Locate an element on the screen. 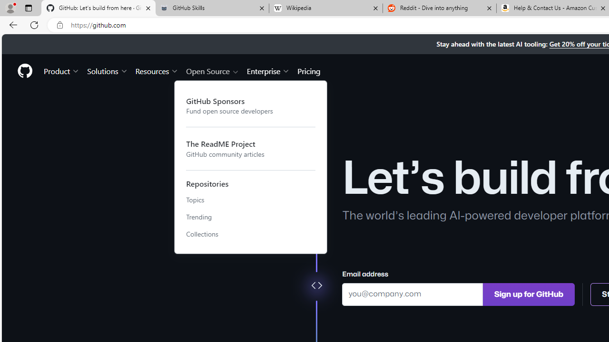 The height and width of the screenshot is (342, 609). 'Product' is located at coordinates (61, 70).